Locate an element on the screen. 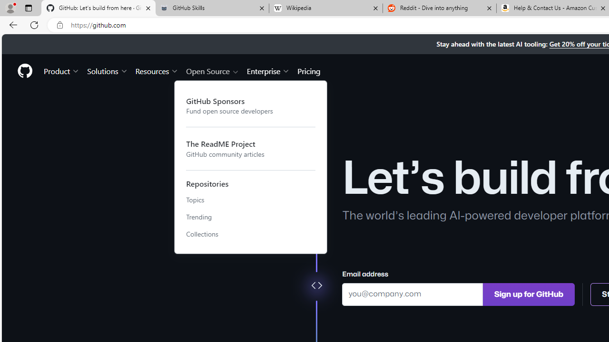 The height and width of the screenshot is (342, 609). 'Product' is located at coordinates (61, 70).